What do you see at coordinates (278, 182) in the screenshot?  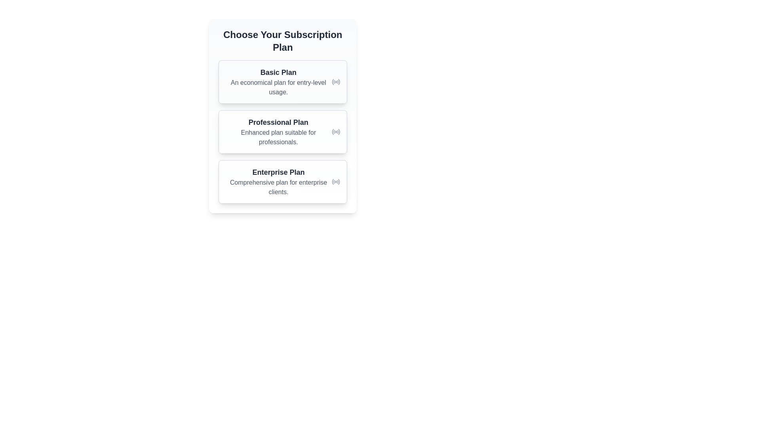 I see `the 'Enterprise Plan' informational block, which features a bold heading and a smaller description, positioned as the third item in a list of subscription plans` at bounding box center [278, 182].